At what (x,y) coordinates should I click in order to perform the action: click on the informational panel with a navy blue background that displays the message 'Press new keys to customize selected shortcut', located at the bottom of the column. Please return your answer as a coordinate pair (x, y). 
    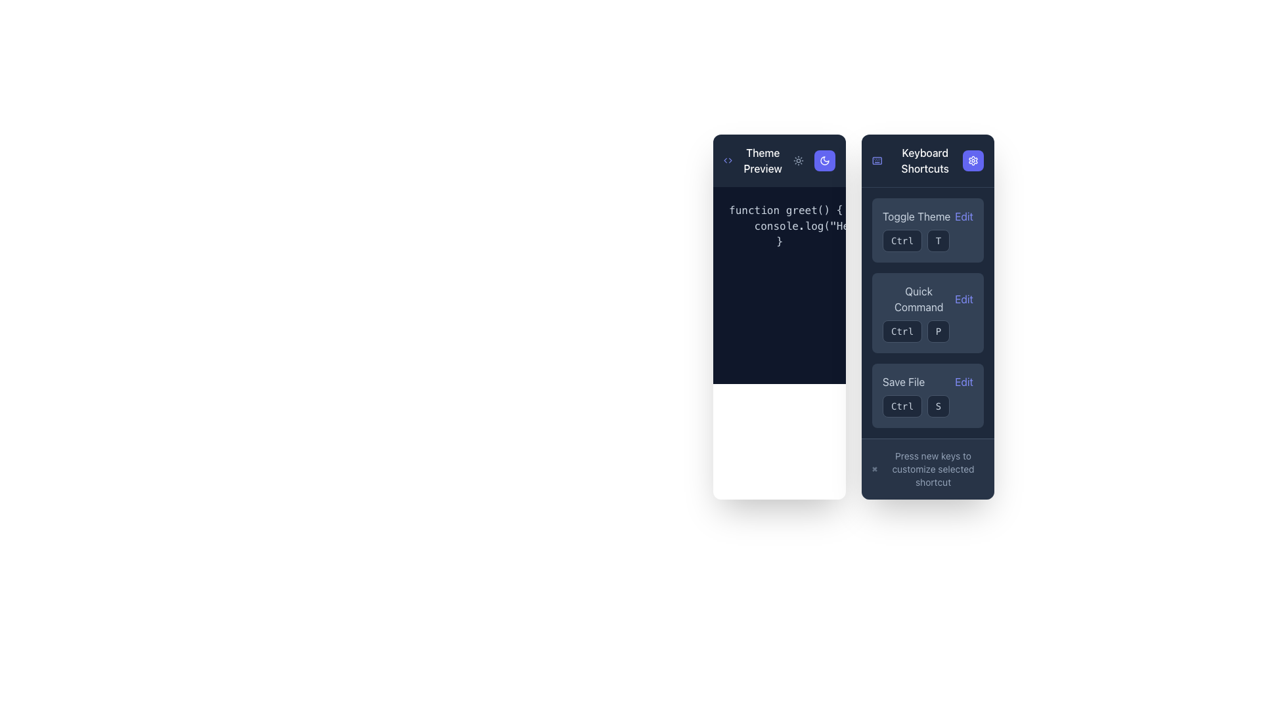
    Looking at the image, I should click on (927, 468).